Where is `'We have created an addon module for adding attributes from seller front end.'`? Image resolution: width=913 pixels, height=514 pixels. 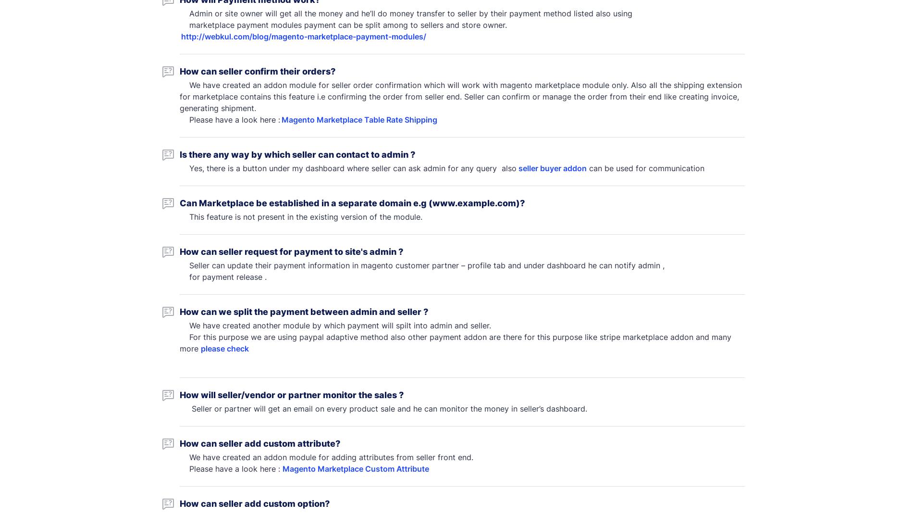 'We have created an addon module for adding attributes from seller front end.' is located at coordinates (179, 456).